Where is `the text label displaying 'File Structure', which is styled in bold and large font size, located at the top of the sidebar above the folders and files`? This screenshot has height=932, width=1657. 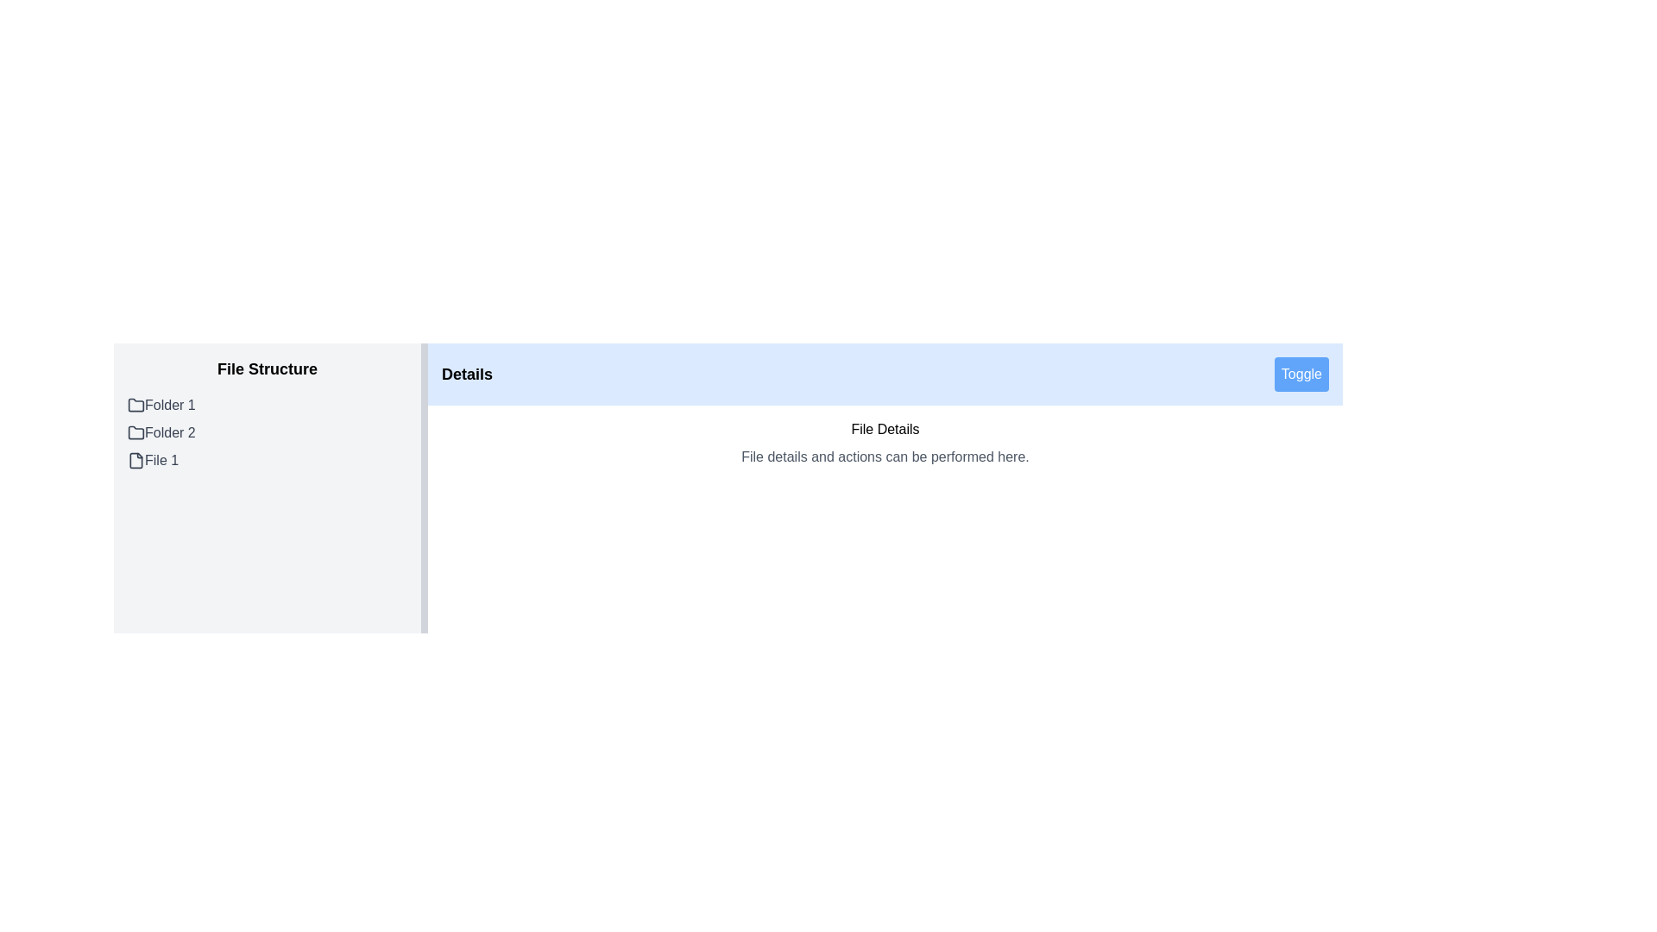 the text label displaying 'File Structure', which is styled in bold and large font size, located at the top of the sidebar above the folders and files is located at coordinates (267, 368).